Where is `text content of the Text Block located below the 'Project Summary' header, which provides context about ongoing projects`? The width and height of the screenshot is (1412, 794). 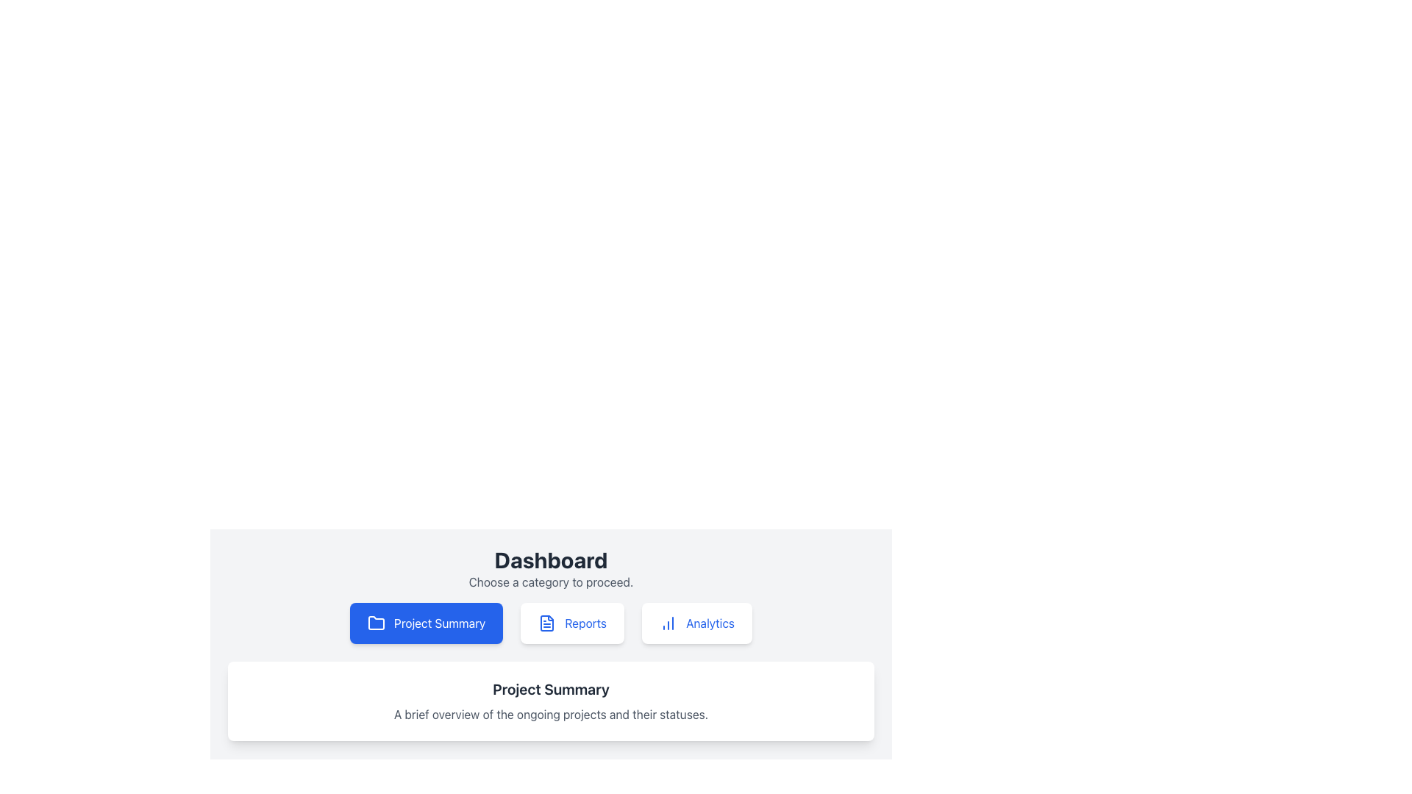 text content of the Text Block located below the 'Project Summary' header, which provides context about ongoing projects is located at coordinates (550, 714).